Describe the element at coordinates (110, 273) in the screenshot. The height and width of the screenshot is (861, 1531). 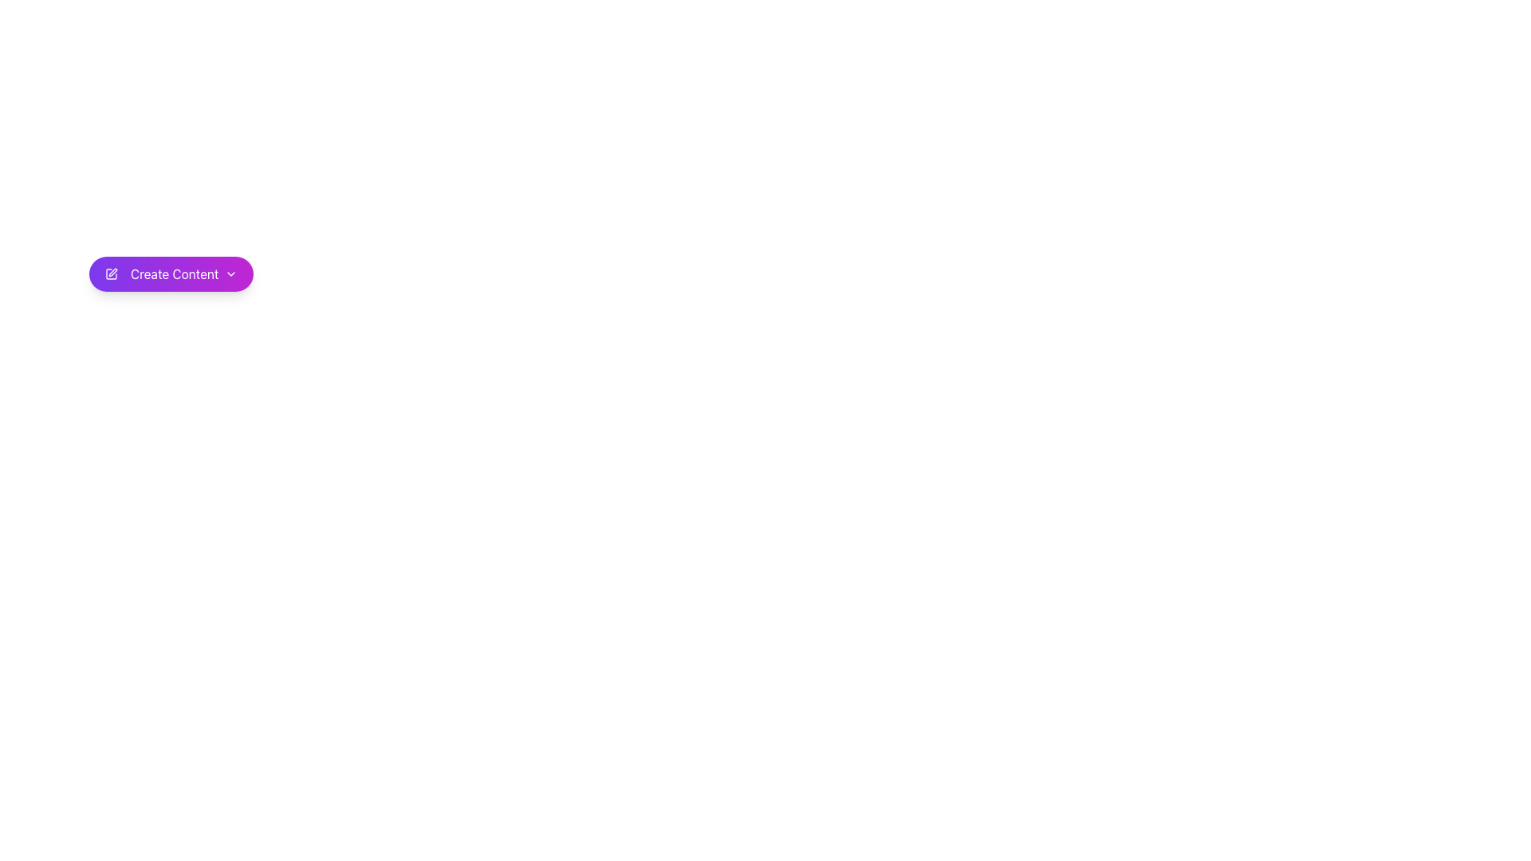
I see `the icon representing the 'Create Content' action, which is the leftmost element within the purple 'Create Content' button` at that location.